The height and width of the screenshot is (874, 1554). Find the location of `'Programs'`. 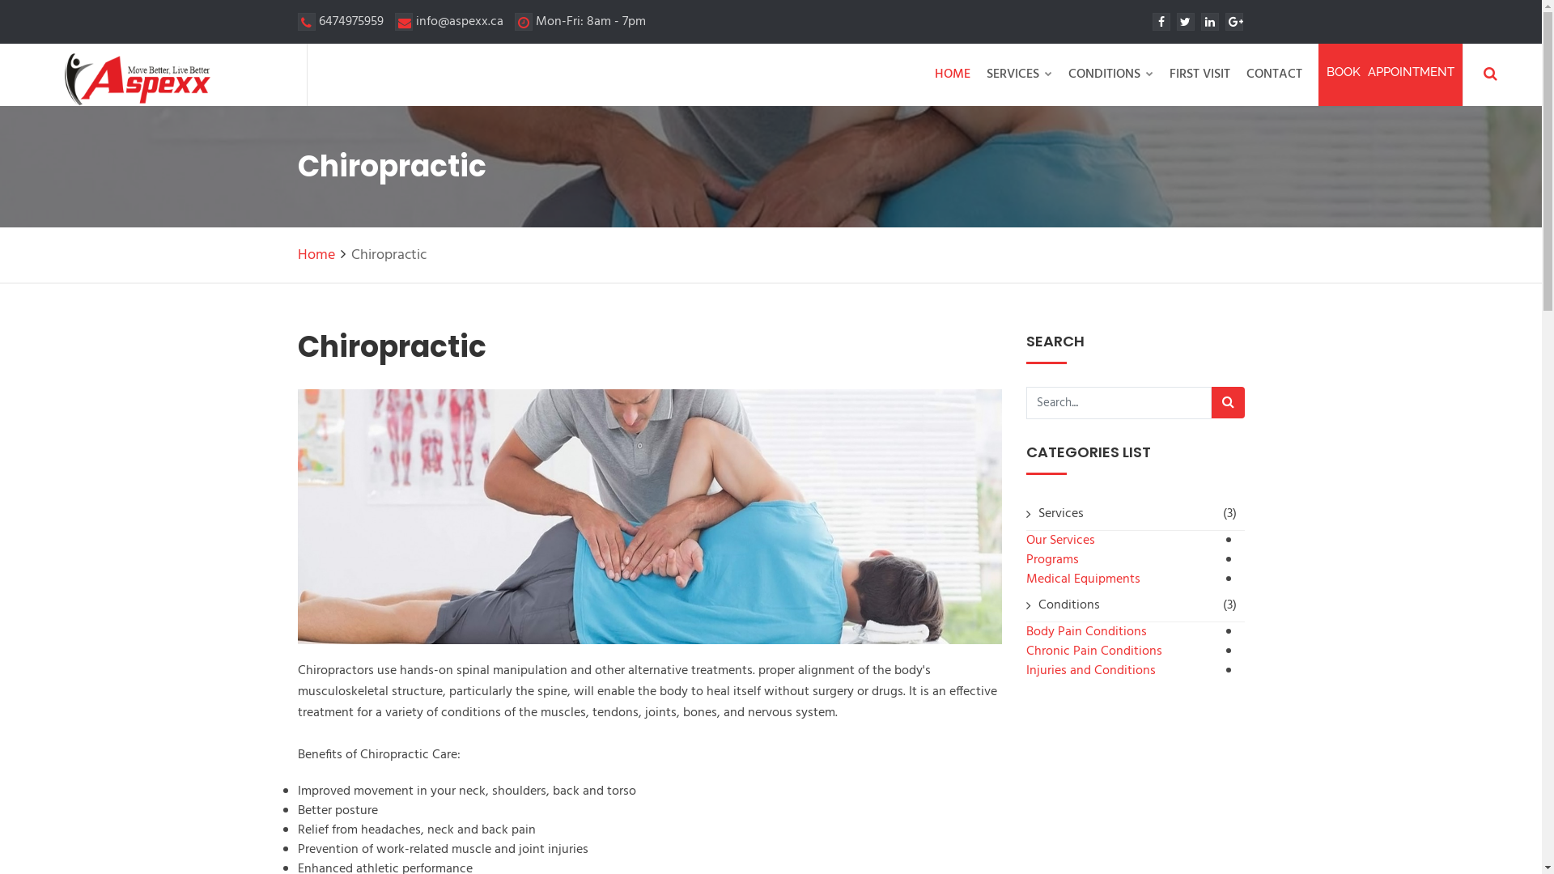

'Programs' is located at coordinates (1052, 558).